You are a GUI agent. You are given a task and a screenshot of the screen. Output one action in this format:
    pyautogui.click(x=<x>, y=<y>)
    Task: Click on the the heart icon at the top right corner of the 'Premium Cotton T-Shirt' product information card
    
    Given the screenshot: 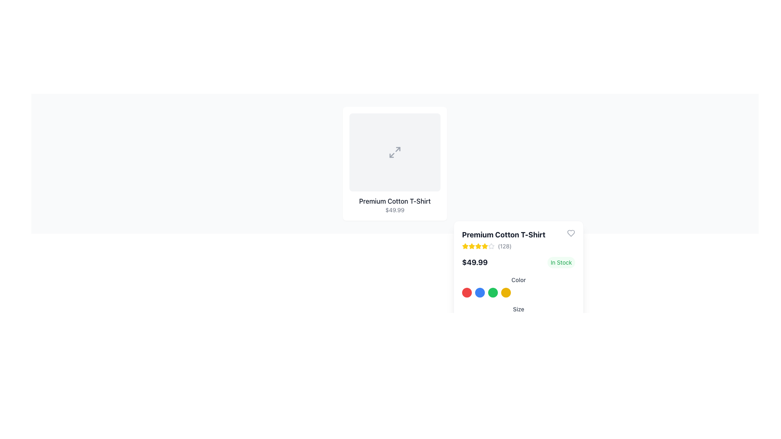 What is the action you would take?
    pyautogui.click(x=570, y=233)
    